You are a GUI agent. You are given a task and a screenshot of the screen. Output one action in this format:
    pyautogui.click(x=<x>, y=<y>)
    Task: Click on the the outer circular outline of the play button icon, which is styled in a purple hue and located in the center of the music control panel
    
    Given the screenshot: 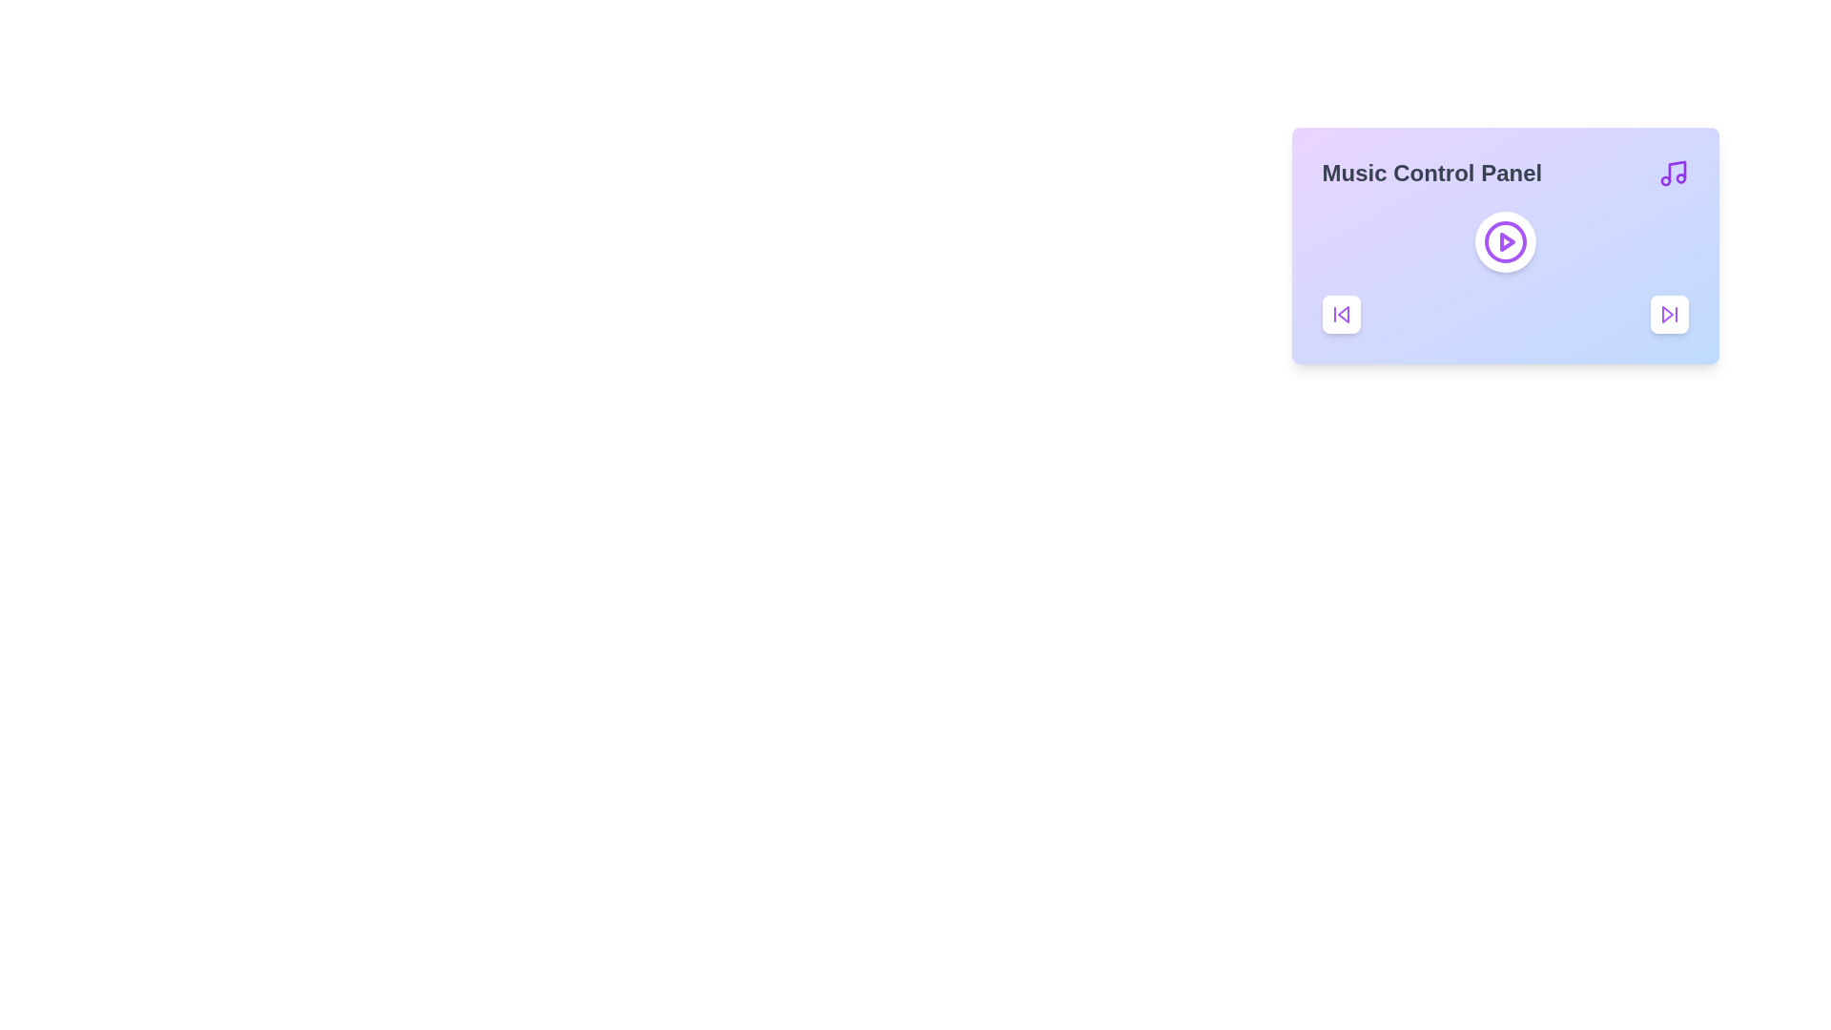 What is the action you would take?
    pyautogui.click(x=1504, y=241)
    